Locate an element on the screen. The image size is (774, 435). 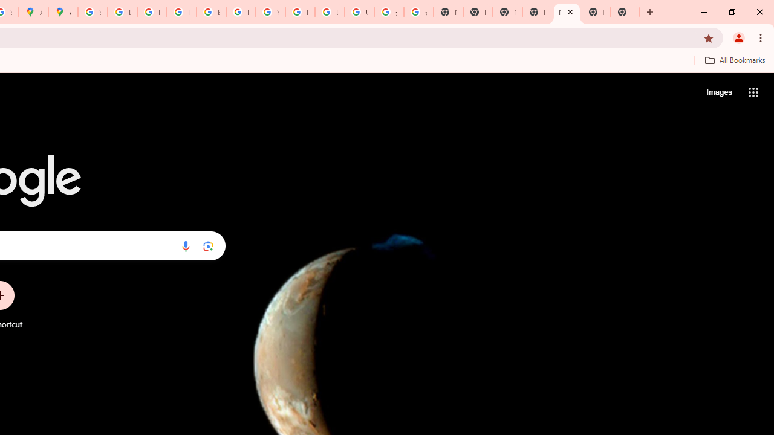
'New Tab' is located at coordinates (536, 12).